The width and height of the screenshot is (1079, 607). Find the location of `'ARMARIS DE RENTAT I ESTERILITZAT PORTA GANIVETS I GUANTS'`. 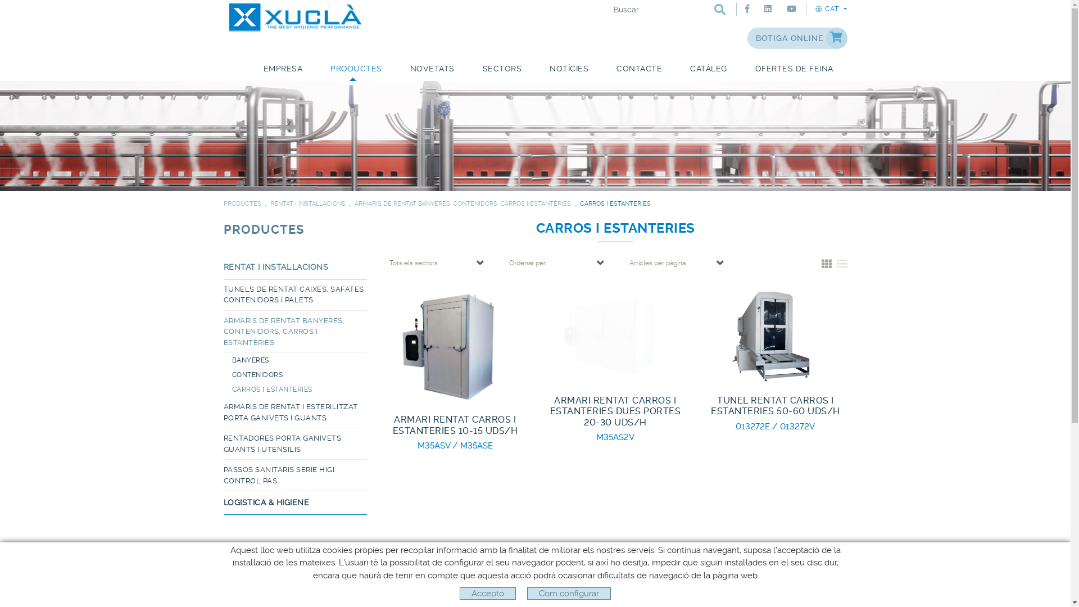

'ARMARIS DE RENTAT I ESTERILITZAT PORTA GANIVETS I GUANTS' is located at coordinates (295, 412).